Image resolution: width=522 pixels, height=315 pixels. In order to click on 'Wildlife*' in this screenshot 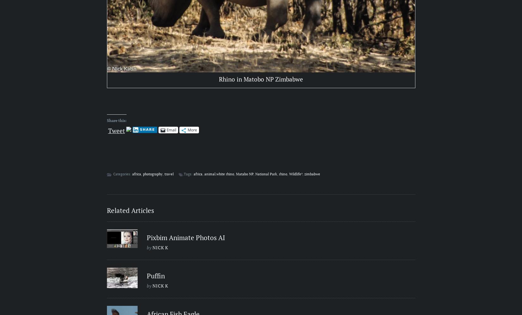, I will do `click(295, 174)`.